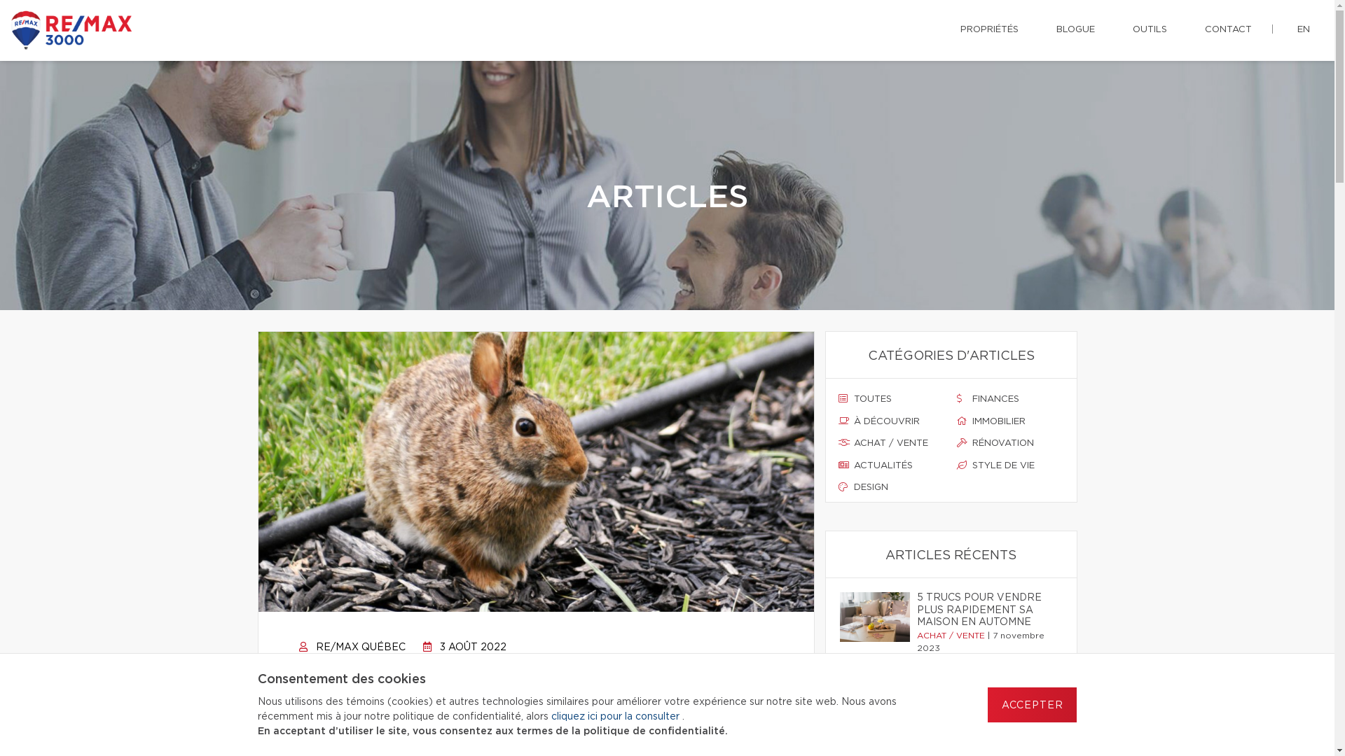 This screenshot has width=1345, height=756. I want to click on 'FINANCES', so click(956, 399).